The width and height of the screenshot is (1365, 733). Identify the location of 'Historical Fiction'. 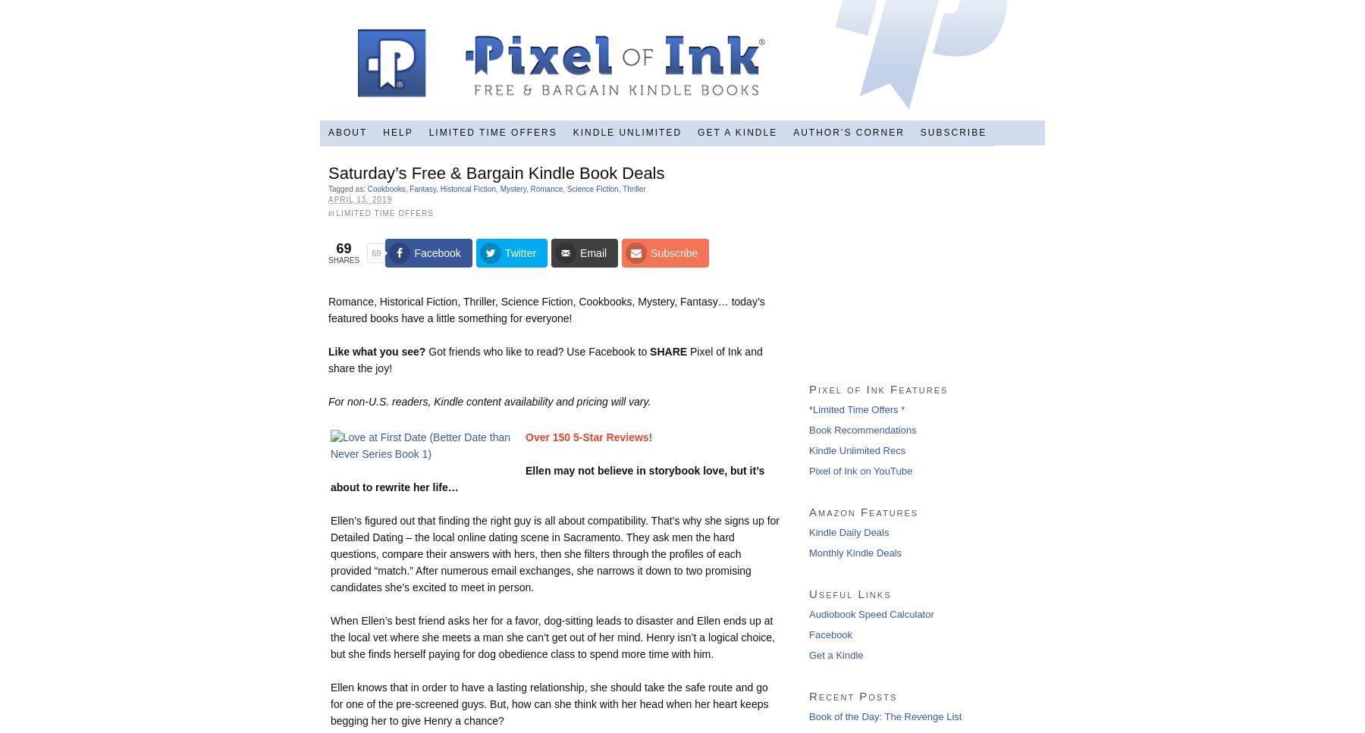
(468, 188).